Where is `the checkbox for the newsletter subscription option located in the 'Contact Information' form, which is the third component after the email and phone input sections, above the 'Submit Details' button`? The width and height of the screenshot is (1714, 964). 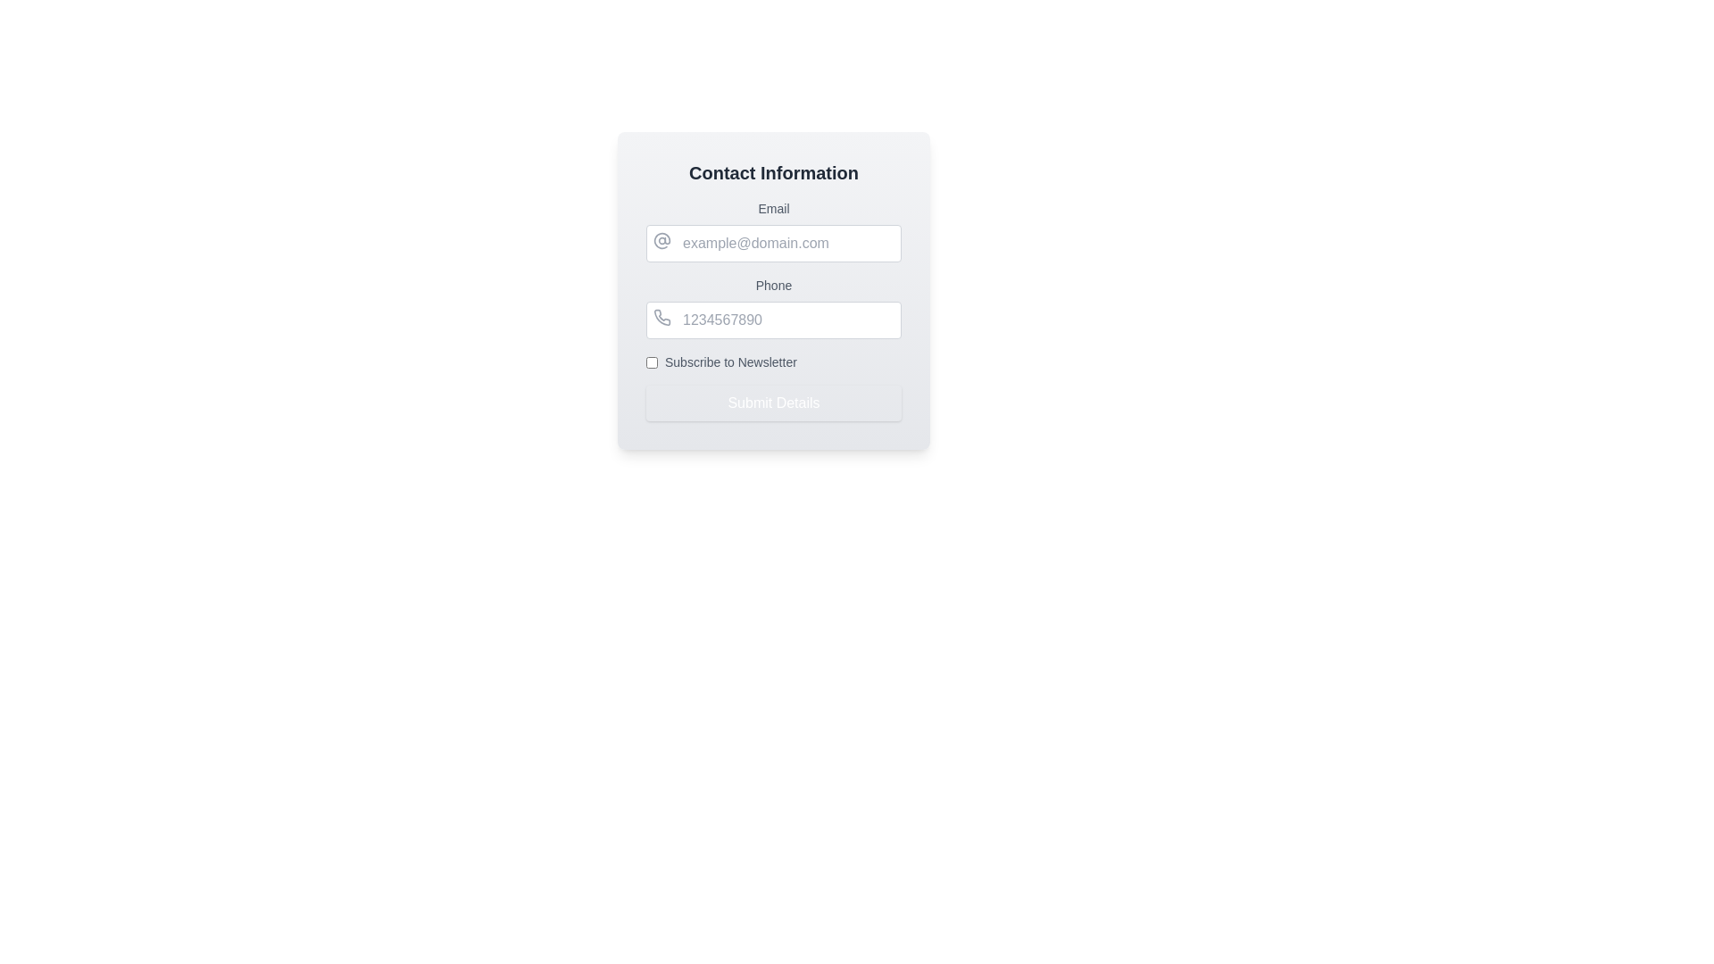 the checkbox for the newsletter subscription option located in the 'Contact Information' form, which is the third component after the email and phone input sections, above the 'Submit Details' button is located at coordinates (774, 361).